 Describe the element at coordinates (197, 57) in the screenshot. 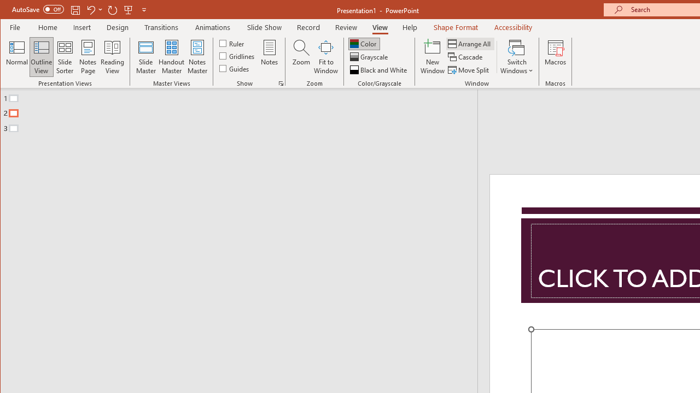

I see `'Notes Master'` at that location.